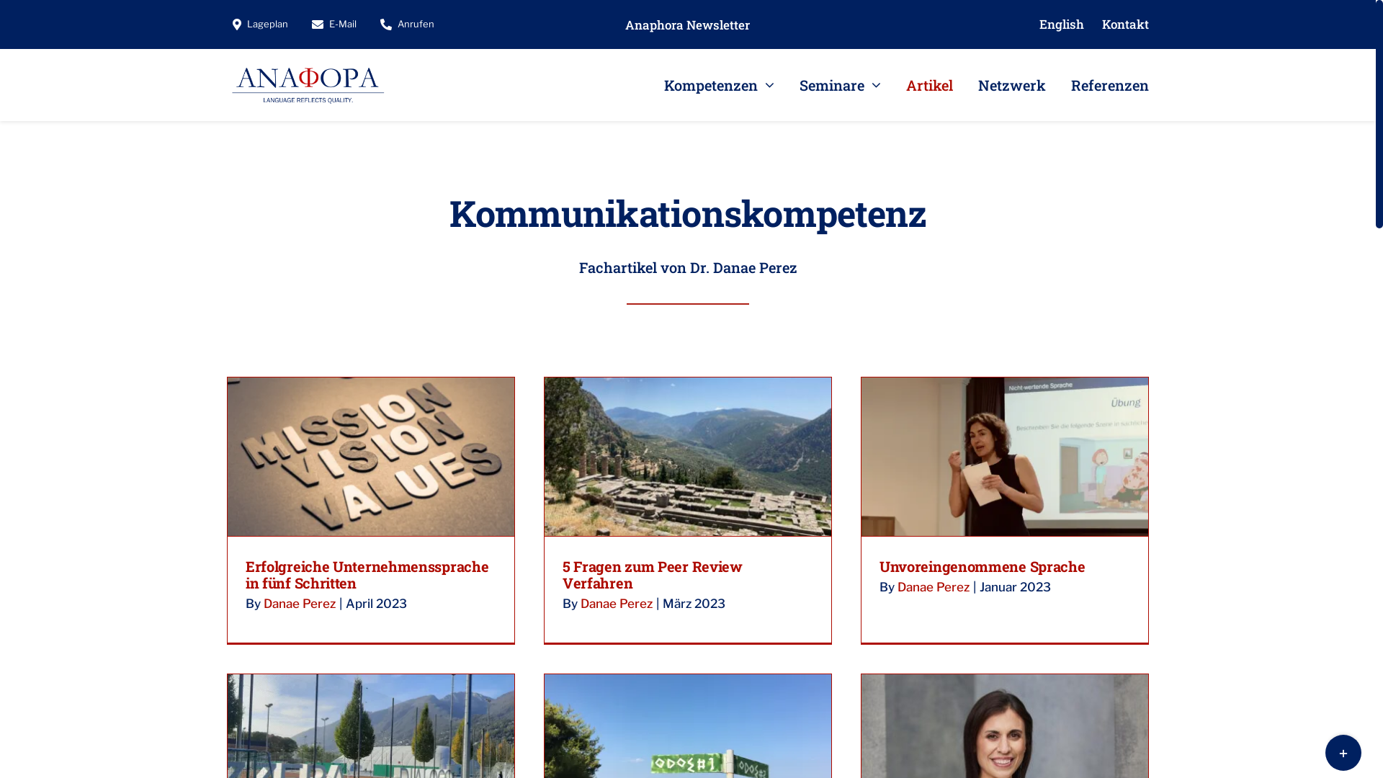 Image resolution: width=1383 pixels, height=778 pixels. What do you see at coordinates (1109, 85) in the screenshot?
I see `'Referenzen'` at bounding box center [1109, 85].